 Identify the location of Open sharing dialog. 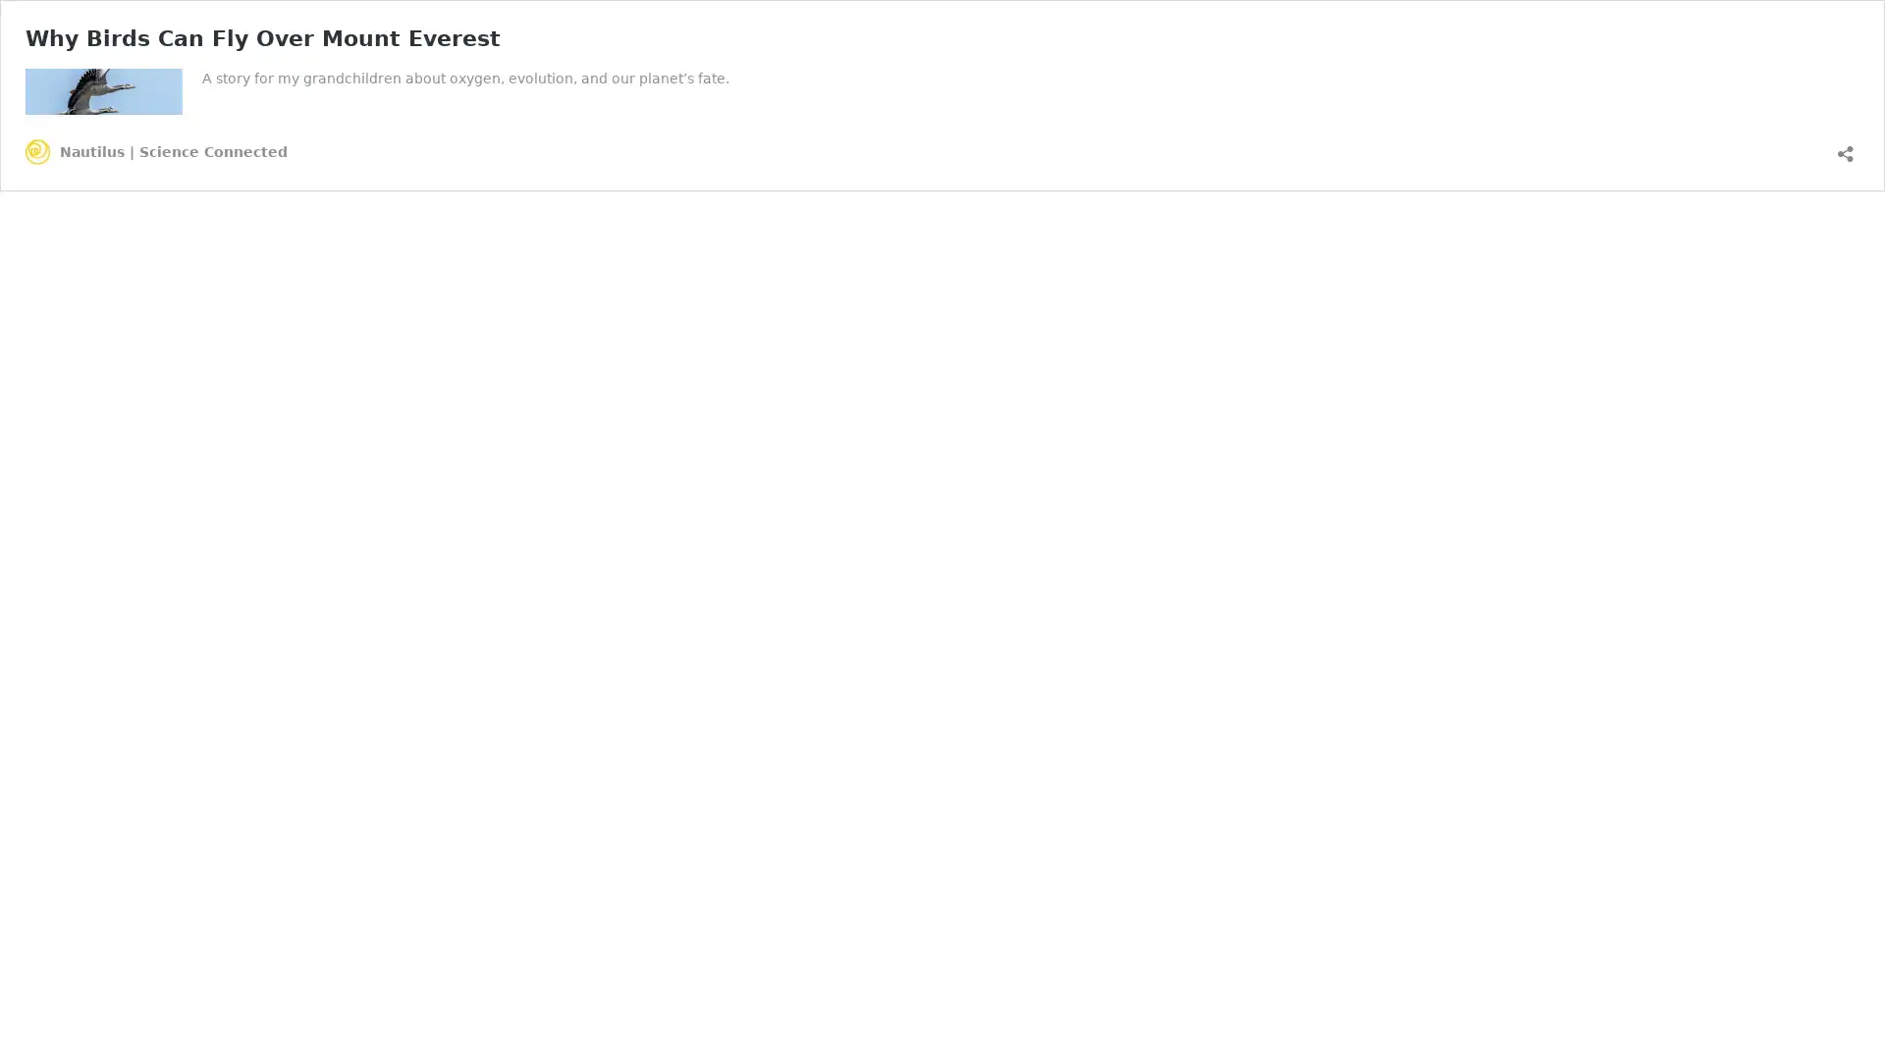
(1845, 145).